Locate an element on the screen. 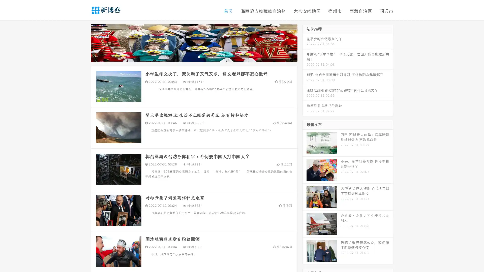  Go to slide 1 is located at coordinates (189, 57).